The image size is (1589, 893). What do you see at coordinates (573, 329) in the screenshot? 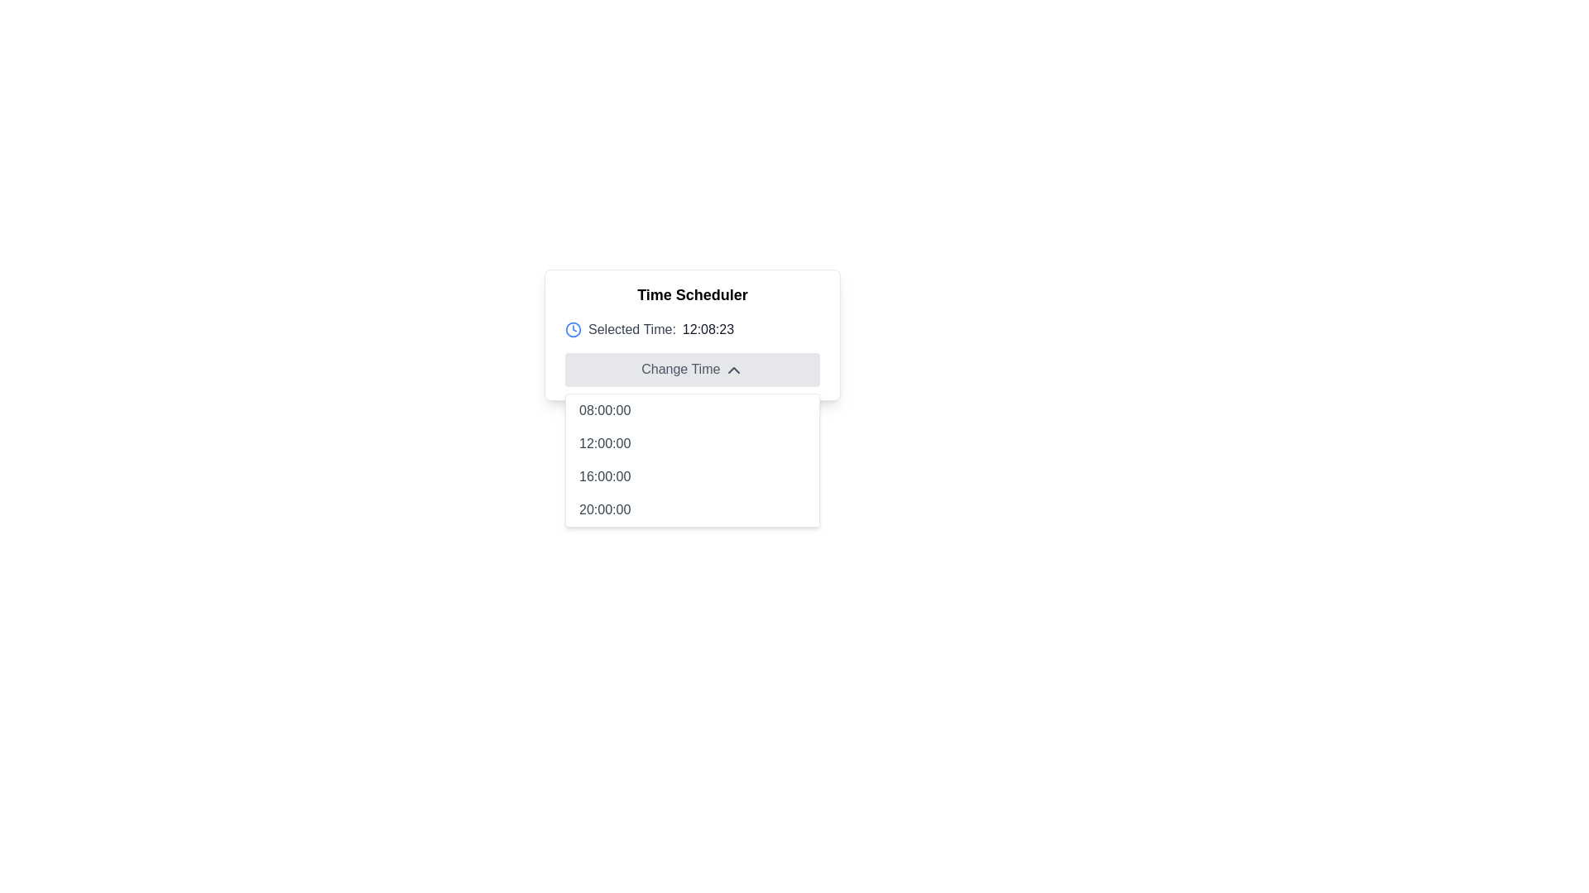
I see `the clock icon located to the left of the text 'Selected Time: 12:08:23' near the top center of the interface` at bounding box center [573, 329].